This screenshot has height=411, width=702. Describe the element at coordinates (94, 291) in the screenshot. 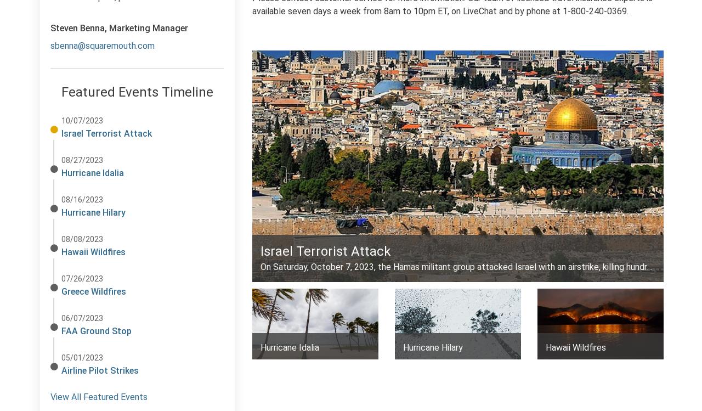

I see `'Greece Wildfires'` at that location.